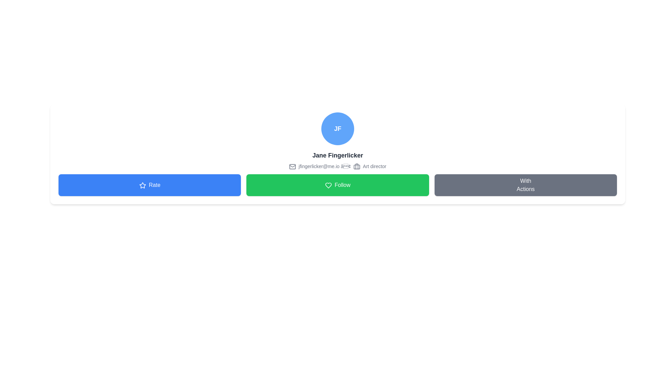 The width and height of the screenshot is (657, 369). I want to click on the button labeled 'With Actions', which is the third button in a horizontal layout, positioned to the right of 'Rate' and 'Follow', so click(525, 185).